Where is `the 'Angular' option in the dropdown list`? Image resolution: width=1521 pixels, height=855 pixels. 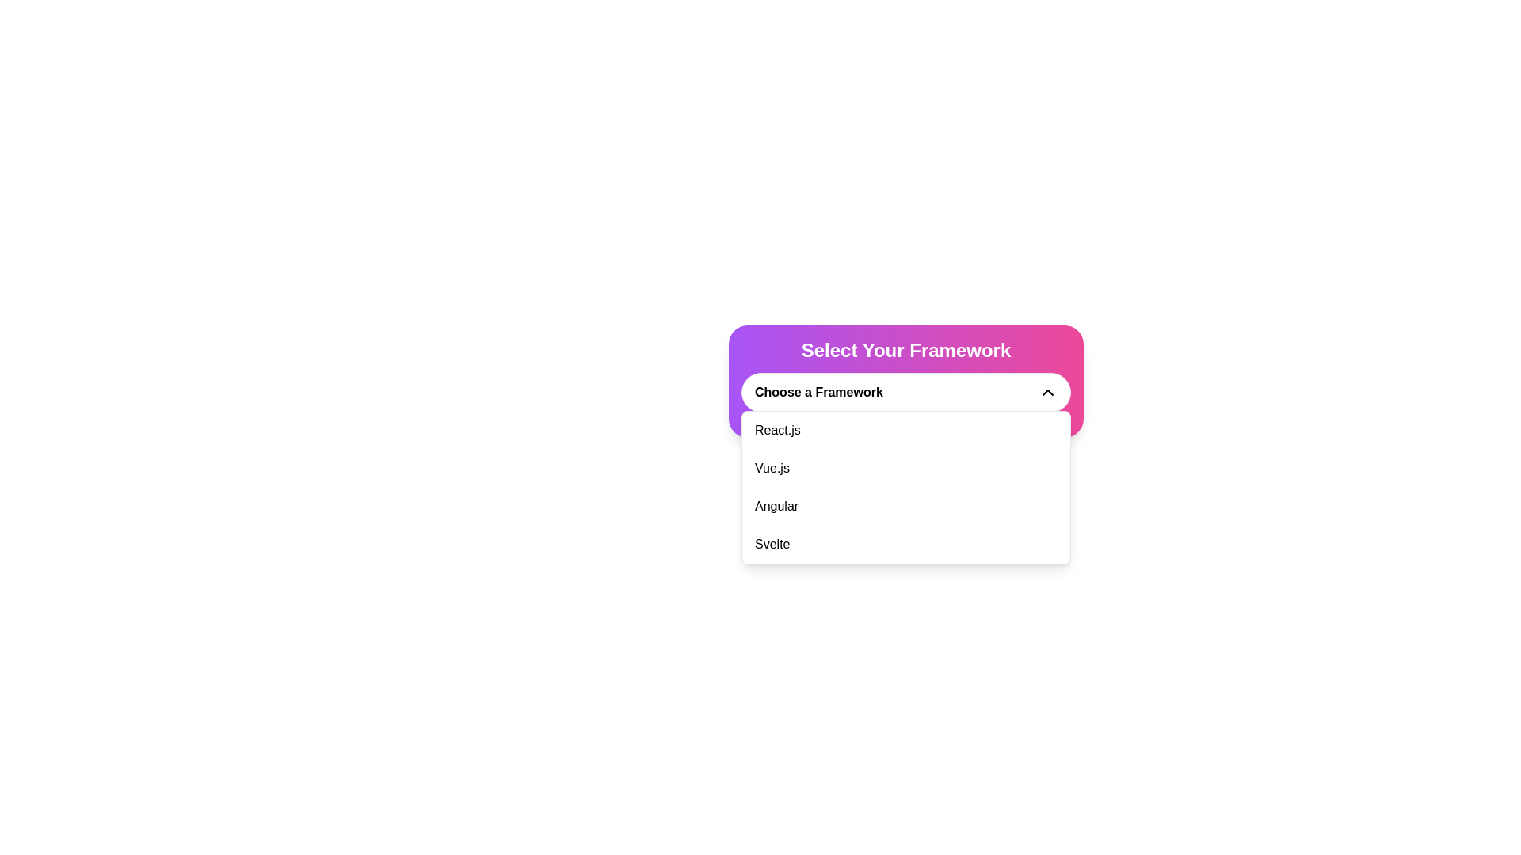
the 'Angular' option in the dropdown list is located at coordinates (905, 507).